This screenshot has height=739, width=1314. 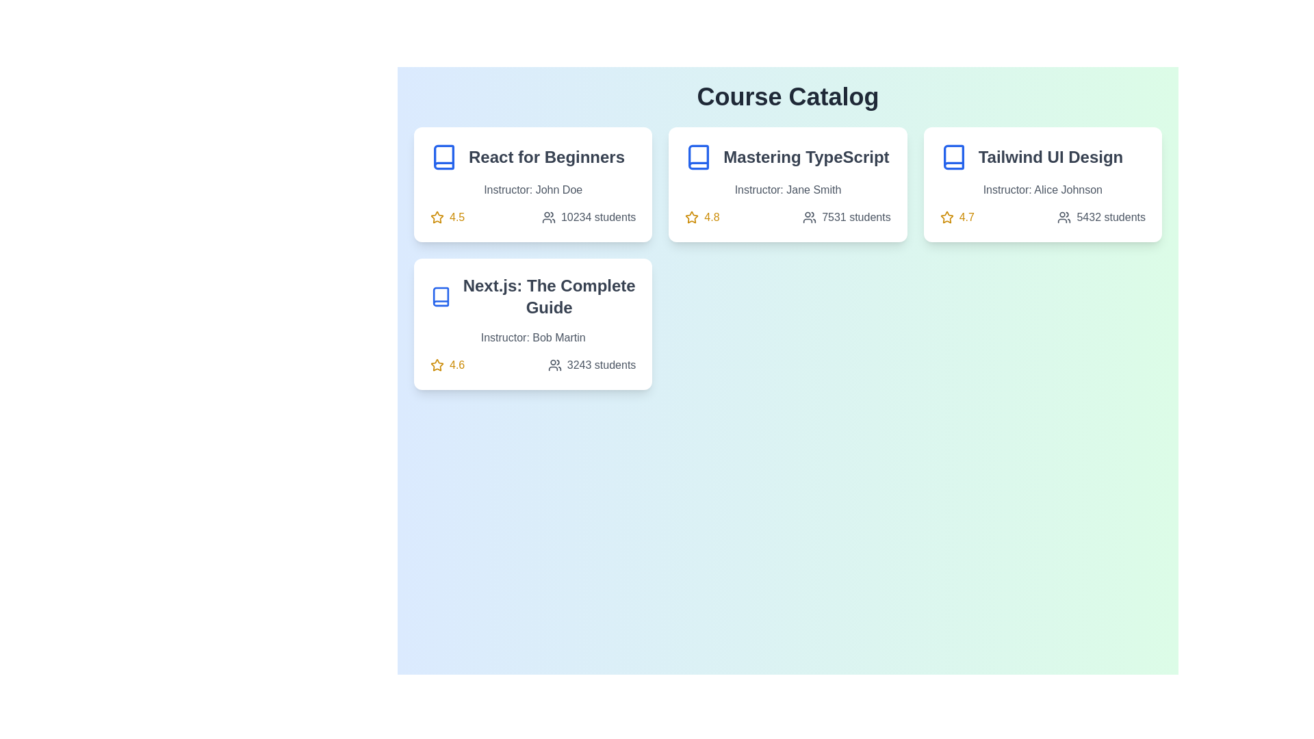 I want to click on the text displaying '3243 students' next to the user icon in the bottom section of the third course card in the 'Course Catalog' layout, so click(x=592, y=364).